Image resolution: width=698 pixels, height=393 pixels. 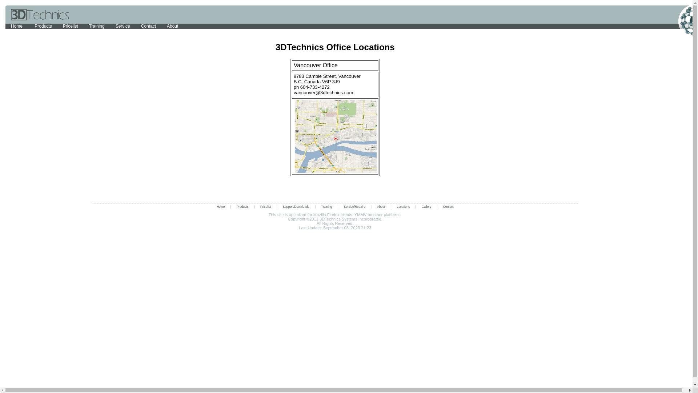 What do you see at coordinates (96, 26) in the screenshot?
I see `'Training'` at bounding box center [96, 26].